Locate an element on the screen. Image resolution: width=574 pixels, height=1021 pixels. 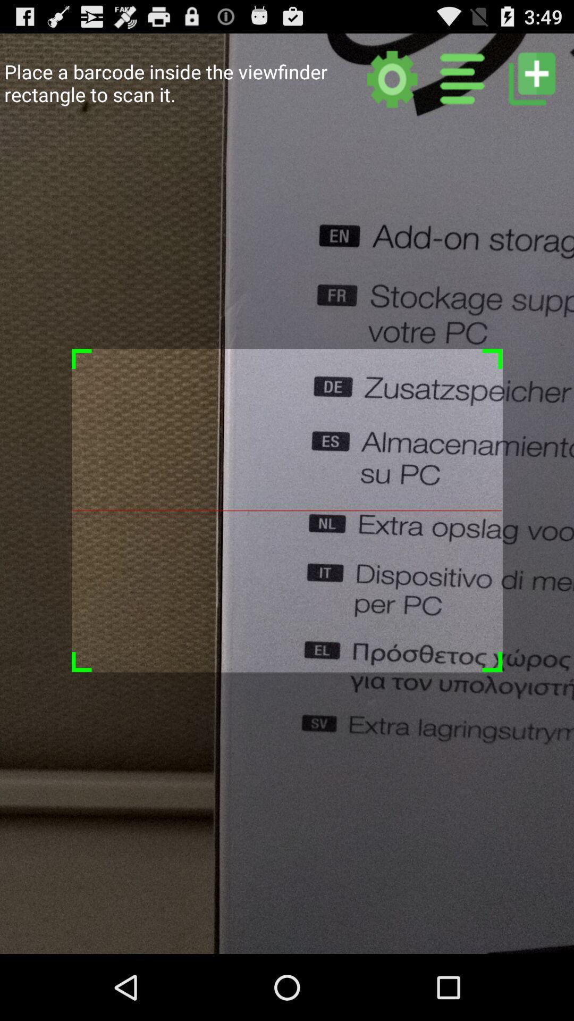
explore menu options is located at coordinates (462, 78).